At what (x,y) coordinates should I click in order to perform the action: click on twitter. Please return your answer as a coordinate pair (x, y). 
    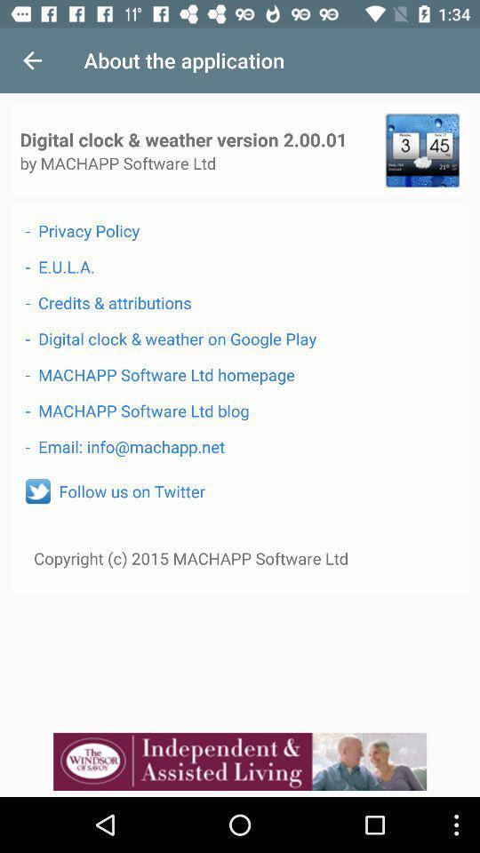
    Looking at the image, I should click on (37, 491).